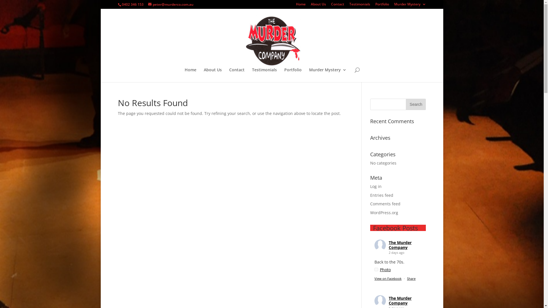 Image resolution: width=548 pixels, height=308 pixels. Describe the element at coordinates (293, 74) in the screenshot. I see `'Portfolio'` at that location.